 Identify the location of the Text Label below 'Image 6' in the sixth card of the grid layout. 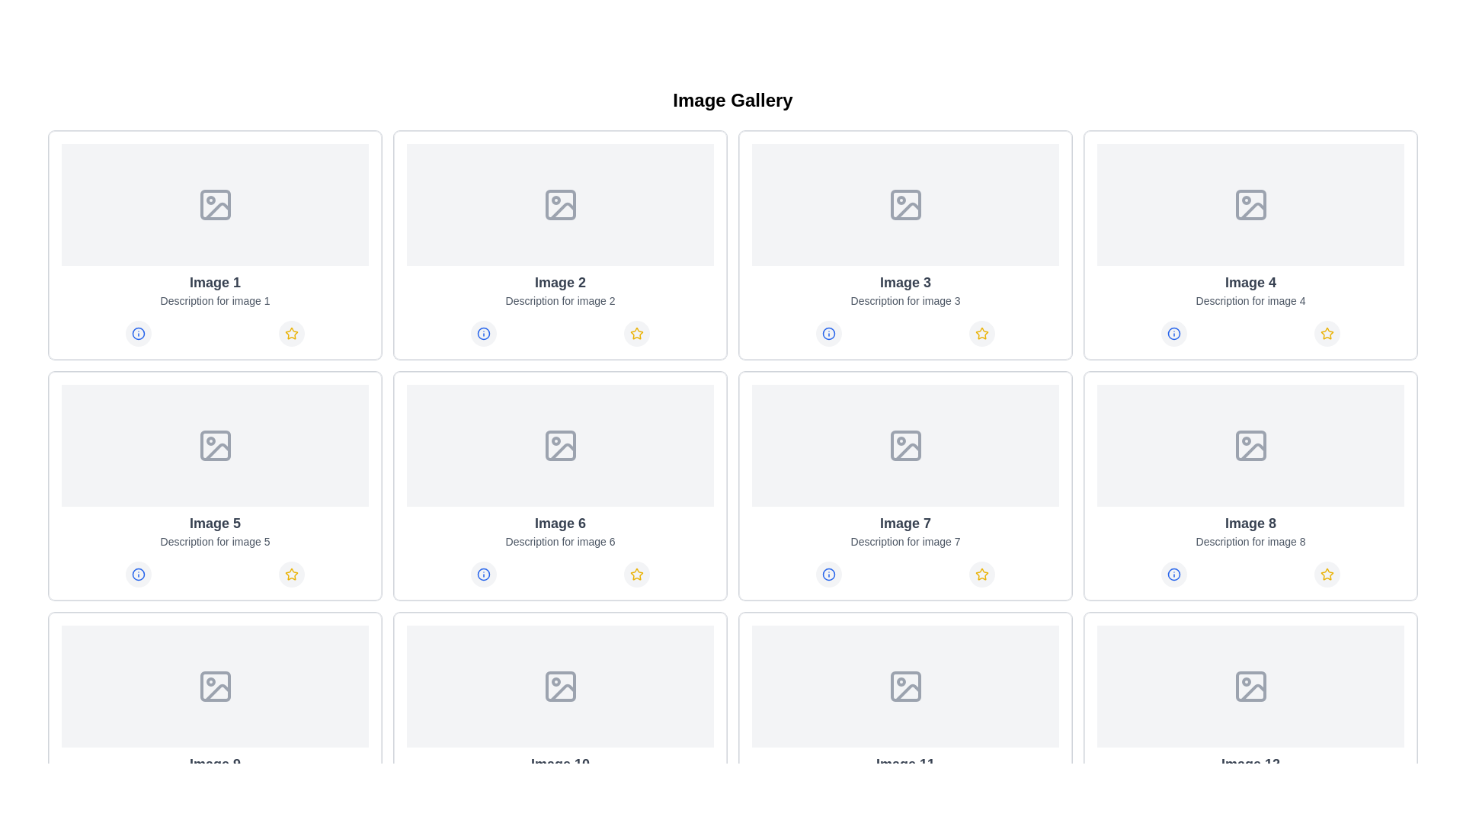
(559, 540).